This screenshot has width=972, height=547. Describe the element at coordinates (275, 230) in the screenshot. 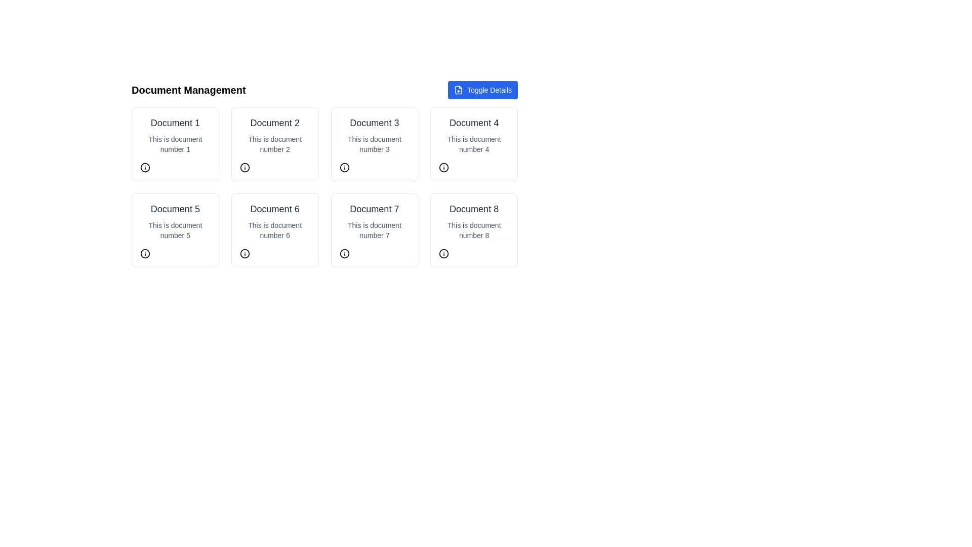

I see `the descriptive text element located below the title 'Document 6' in the 6th panel of the grid layout` at that location.